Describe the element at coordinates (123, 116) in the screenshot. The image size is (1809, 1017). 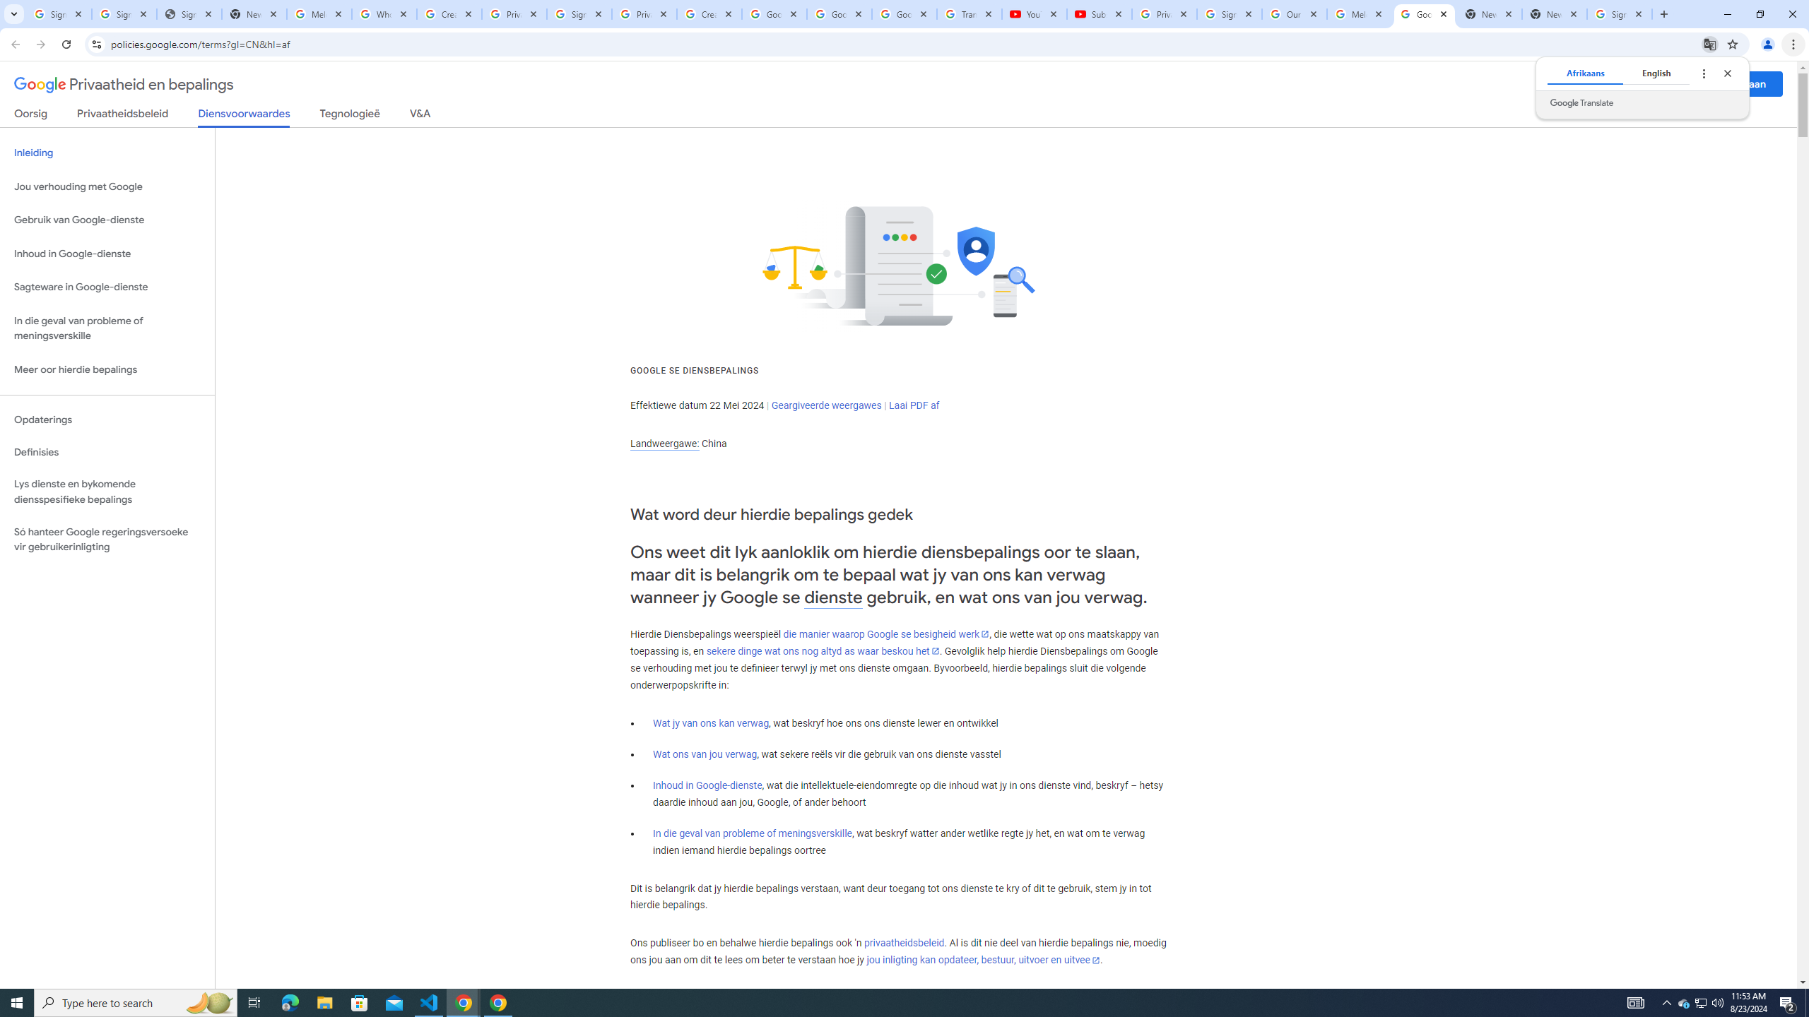
I see `'Privaatheidsbeleid'` at that location.